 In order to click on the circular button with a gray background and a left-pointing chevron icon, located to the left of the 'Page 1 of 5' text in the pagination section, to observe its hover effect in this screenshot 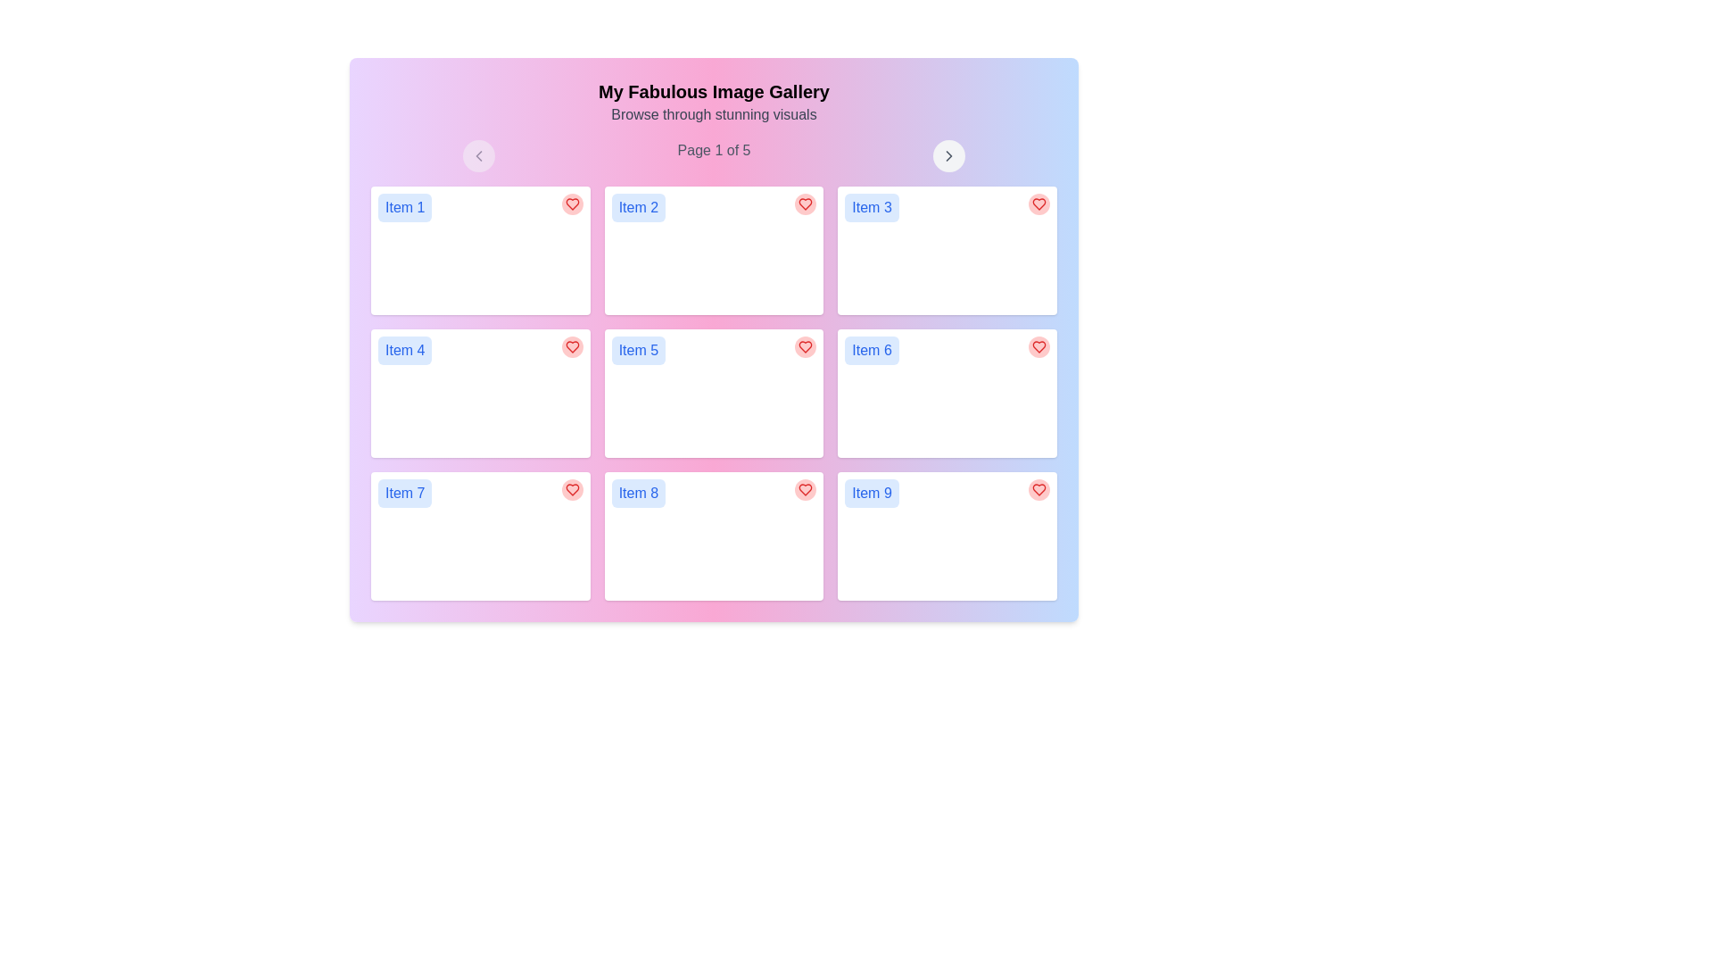, I will do `click(478, 154)`.